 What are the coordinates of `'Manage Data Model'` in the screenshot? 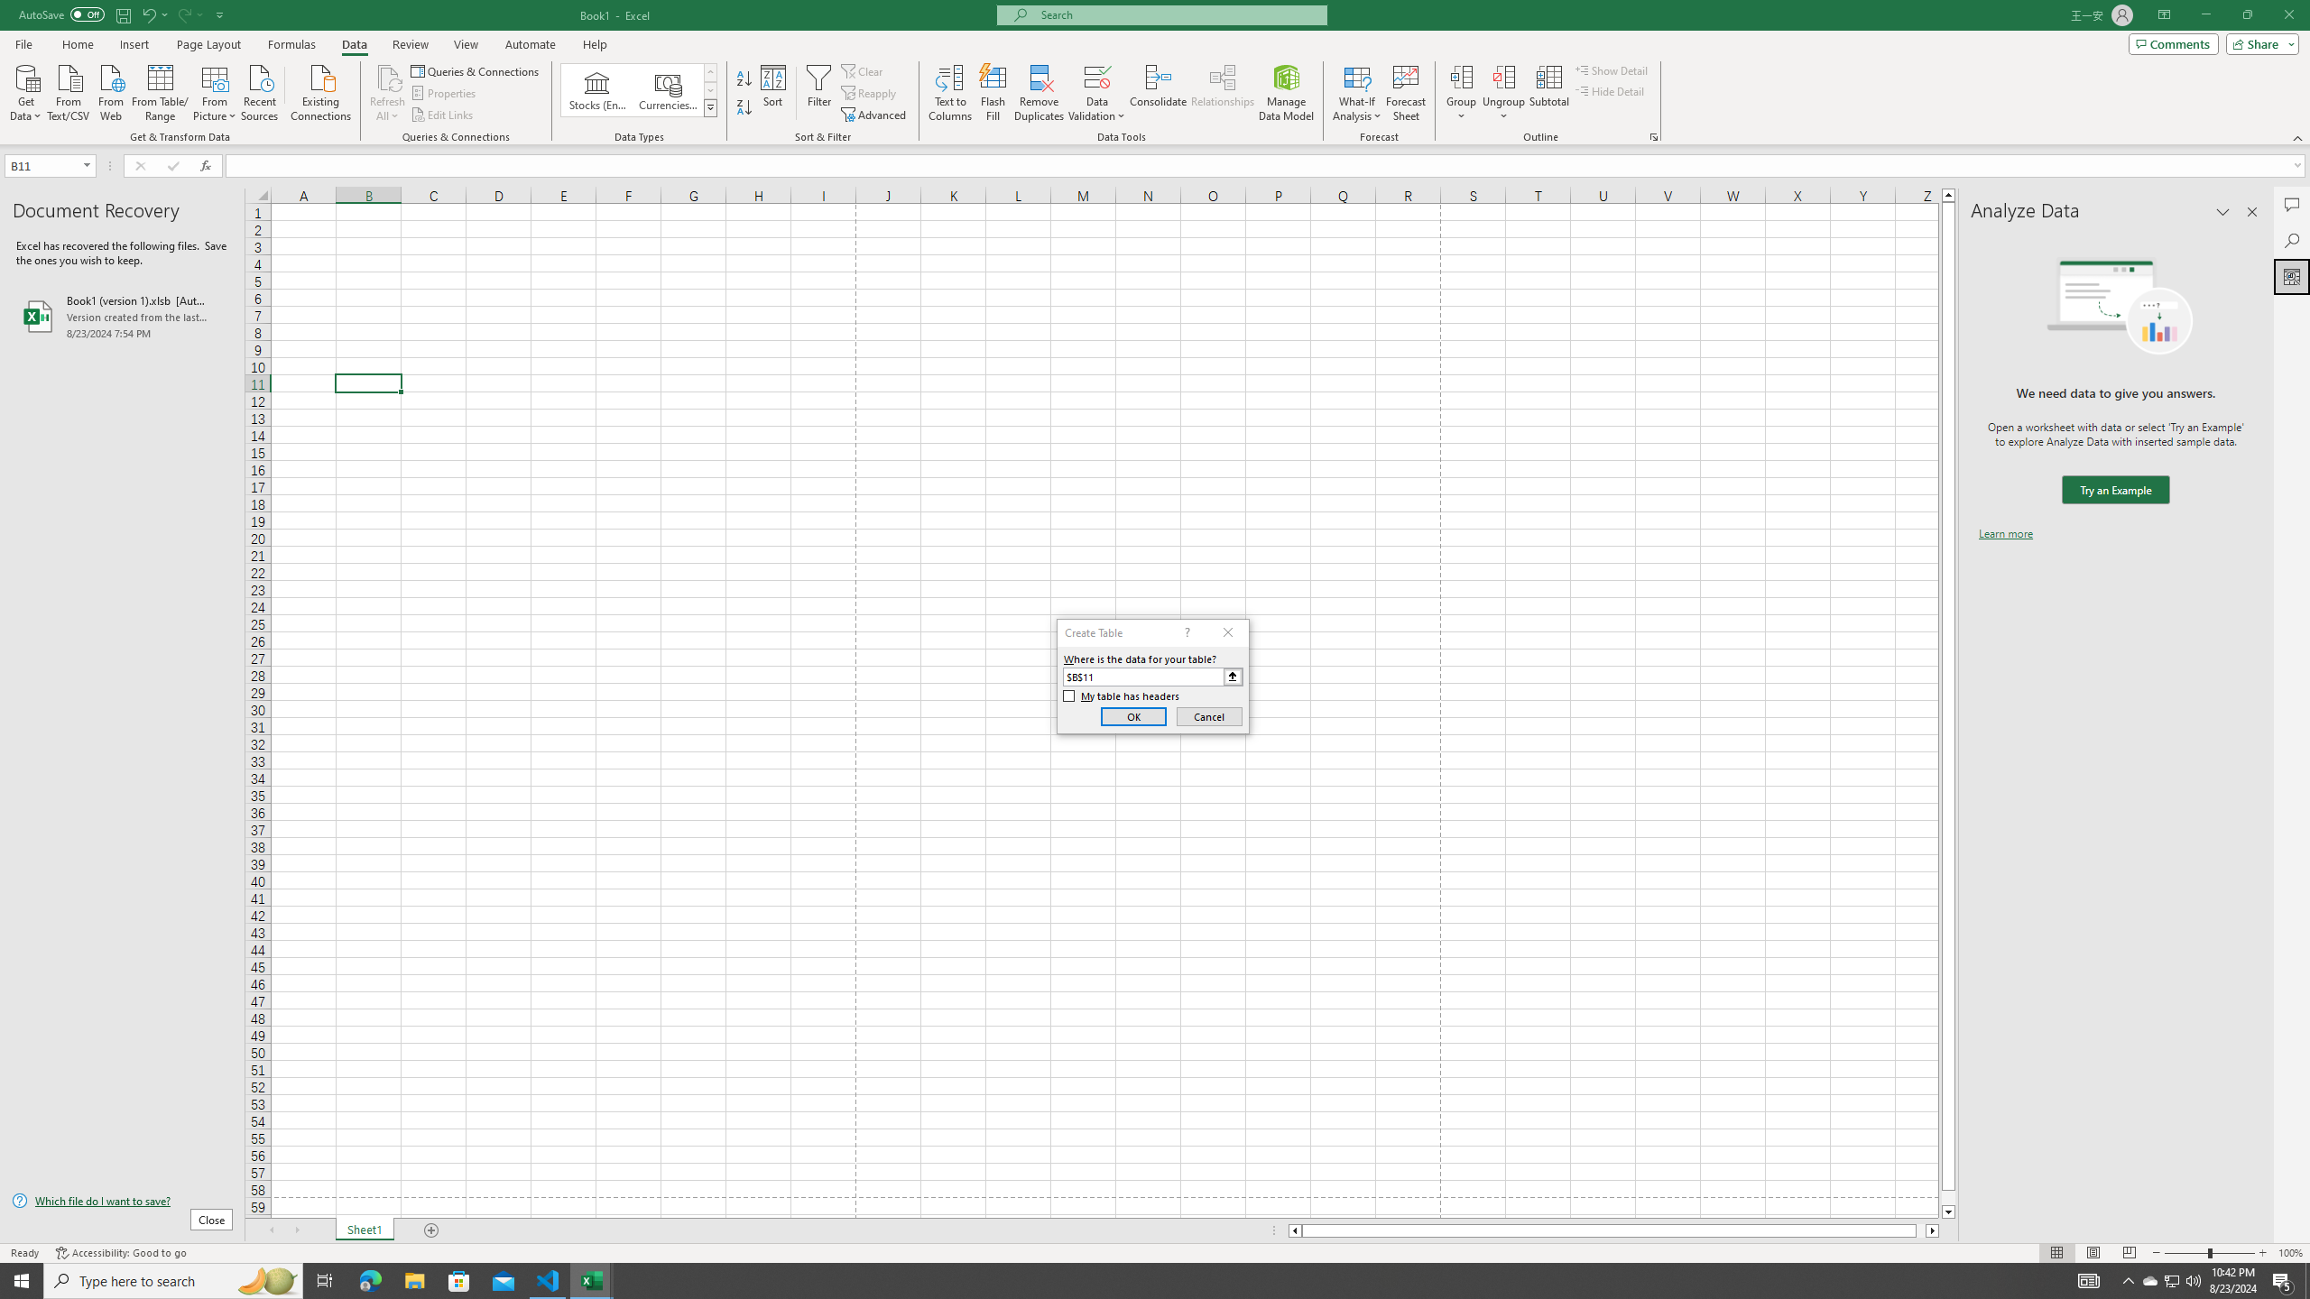 It's located at (1285, 93).